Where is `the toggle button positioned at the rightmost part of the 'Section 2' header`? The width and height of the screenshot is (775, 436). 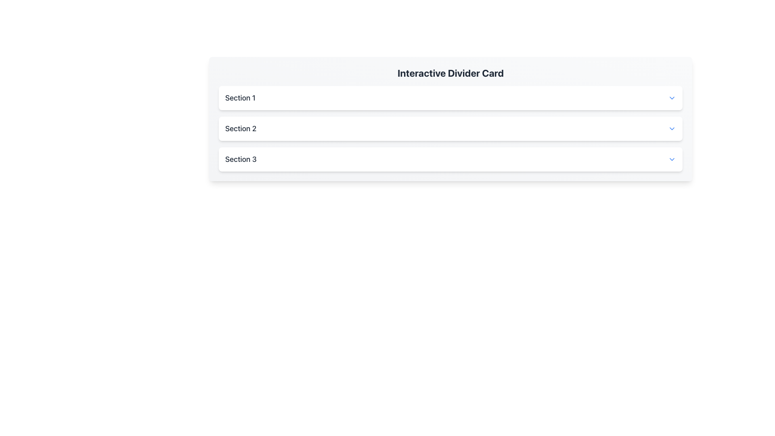 the toggle button positioned at the rightmost part of the 'Section 2' header is located at coordinates (672, 128).